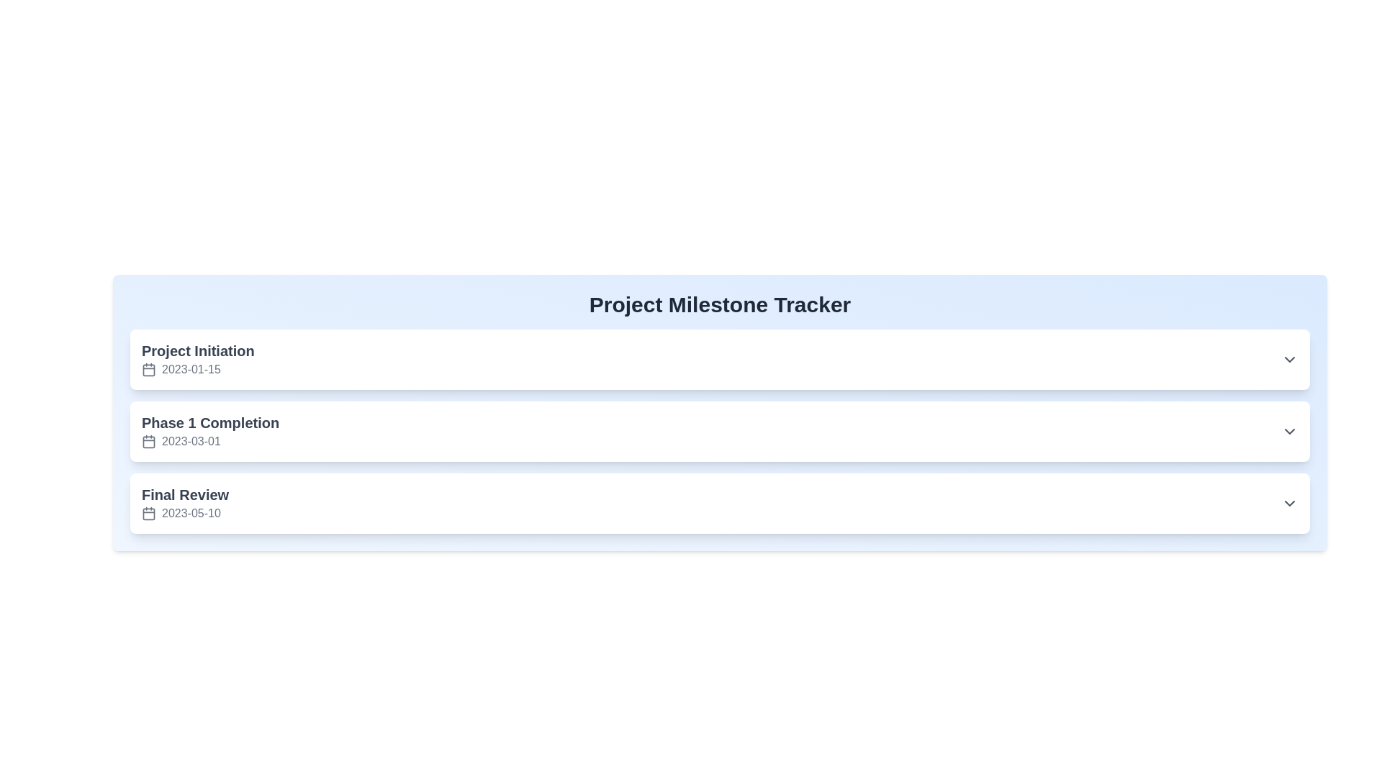 The width and height of the screenshot is (1382, 777). What do you see at coordinates (197, 351) in the screenshot?
I see `the text label reading 'Project Initiation' which is bold and dark gray, located under the main heading 'Project Milestone Tracker'` at bounding box center [197, 351].